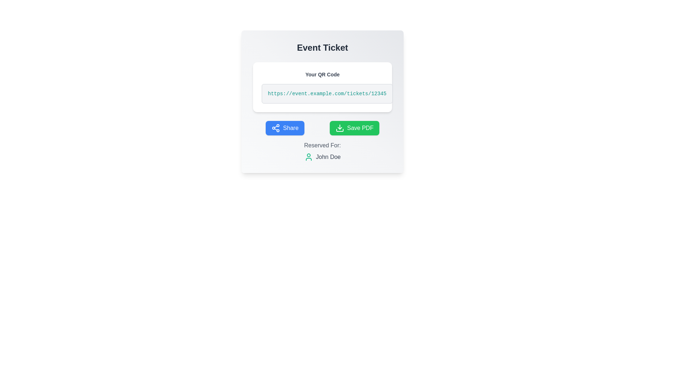 This screenshot has width=695, height=391. I want to click on the download icon within the 'Save PDF' button located at the bottom of the event ticket card, so click(340, 128).